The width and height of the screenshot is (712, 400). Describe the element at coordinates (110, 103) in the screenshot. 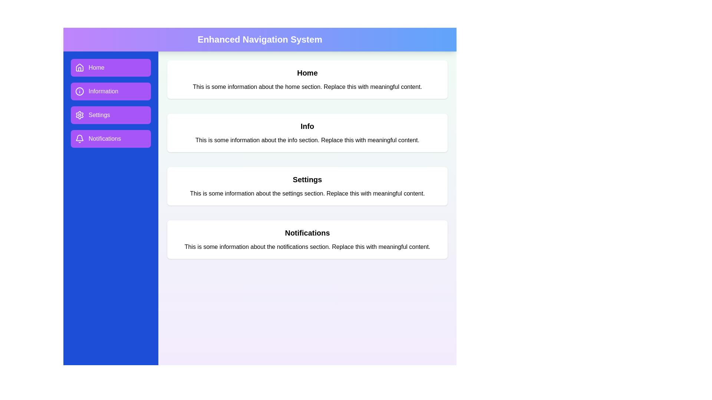

I see `the second navigation button in the vertical stack of the sidebar menu` at that location.